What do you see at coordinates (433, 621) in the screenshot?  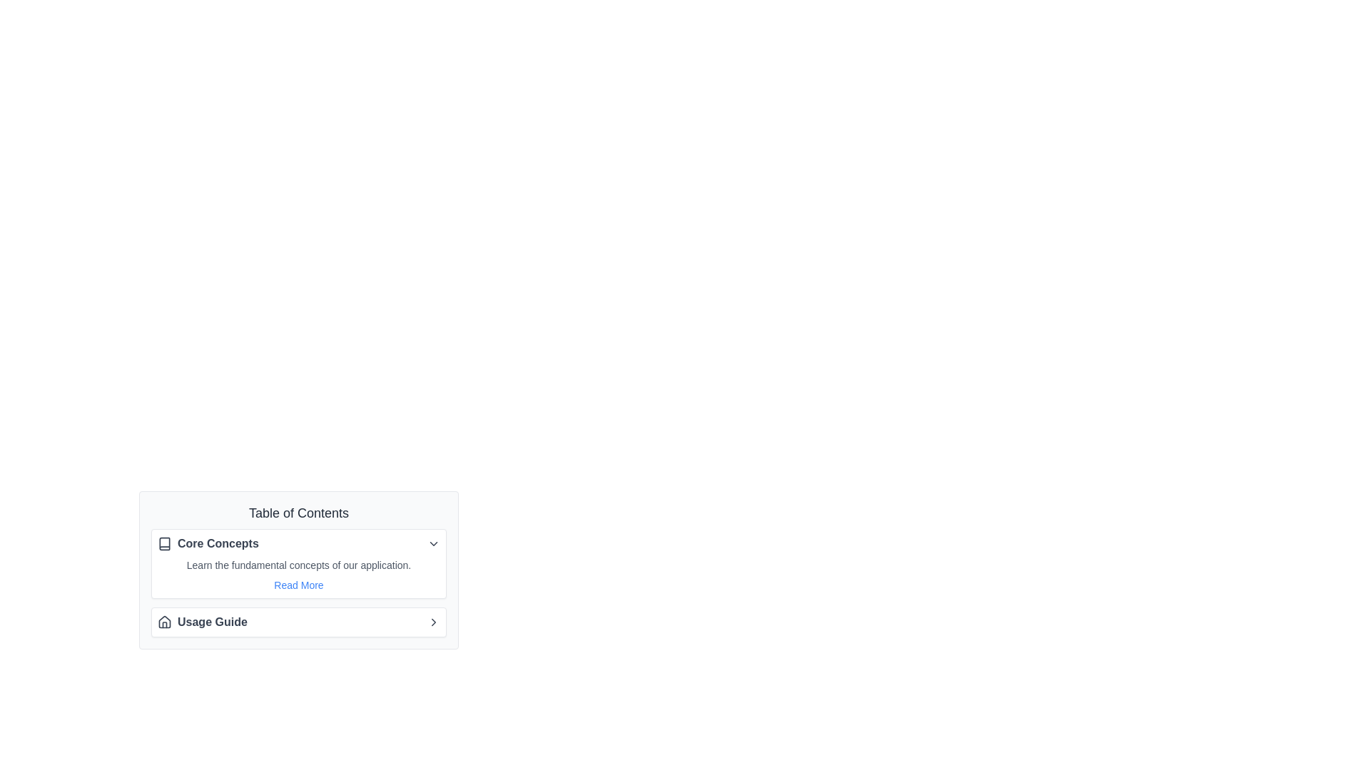 I see `the small right-facing chevron arrow icon in the 'Table of Contents' section, located directly to the right of the 'Usage Guide' text` at bounding box center [433, 621].